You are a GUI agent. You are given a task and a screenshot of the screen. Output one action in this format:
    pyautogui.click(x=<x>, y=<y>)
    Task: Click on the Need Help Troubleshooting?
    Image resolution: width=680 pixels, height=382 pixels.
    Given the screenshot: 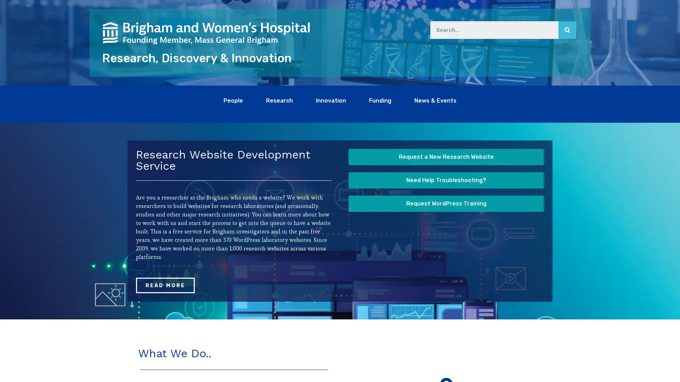 What is the action you would take?
    pyautogui.click(x=446, y=180)
    